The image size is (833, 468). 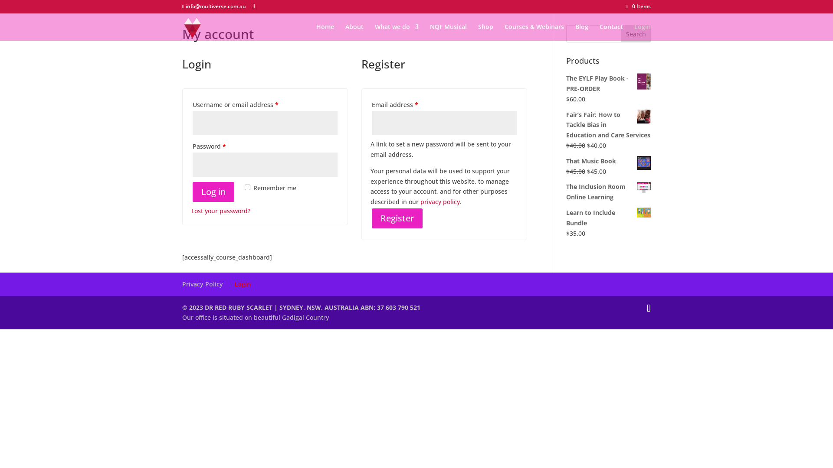 I want to click on 'The Inclusion Room Online Learning', so click(x=608, y=192).